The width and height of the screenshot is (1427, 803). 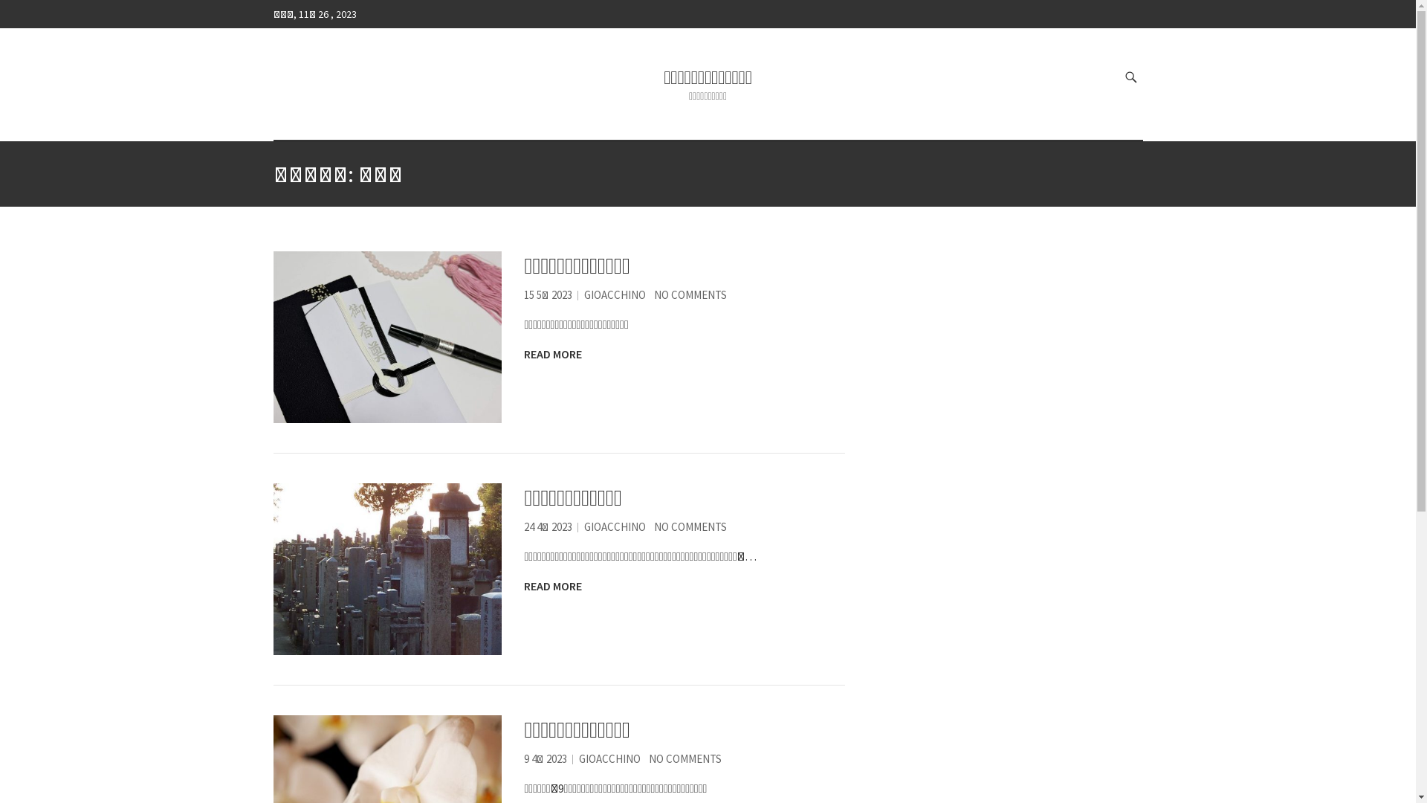 I want to click on 'NO COMMENTS', so click(x=690, y=526).